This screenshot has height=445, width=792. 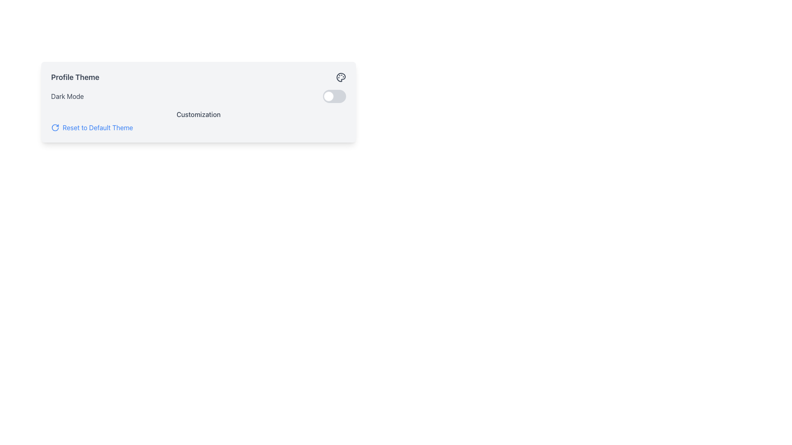 I want to click on the blue text link labeled 'Reset to Default Theme' located in the 'Profile Theme' section to reset the theme, so click(x=98, y=127).